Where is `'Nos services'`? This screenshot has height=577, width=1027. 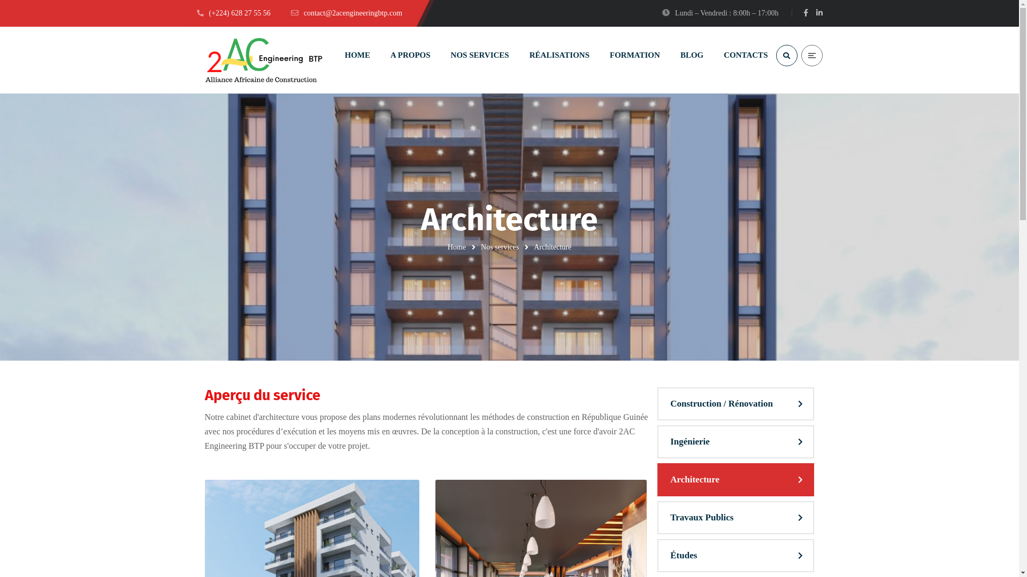 'Nos services' is located at coordinates (499, 247).